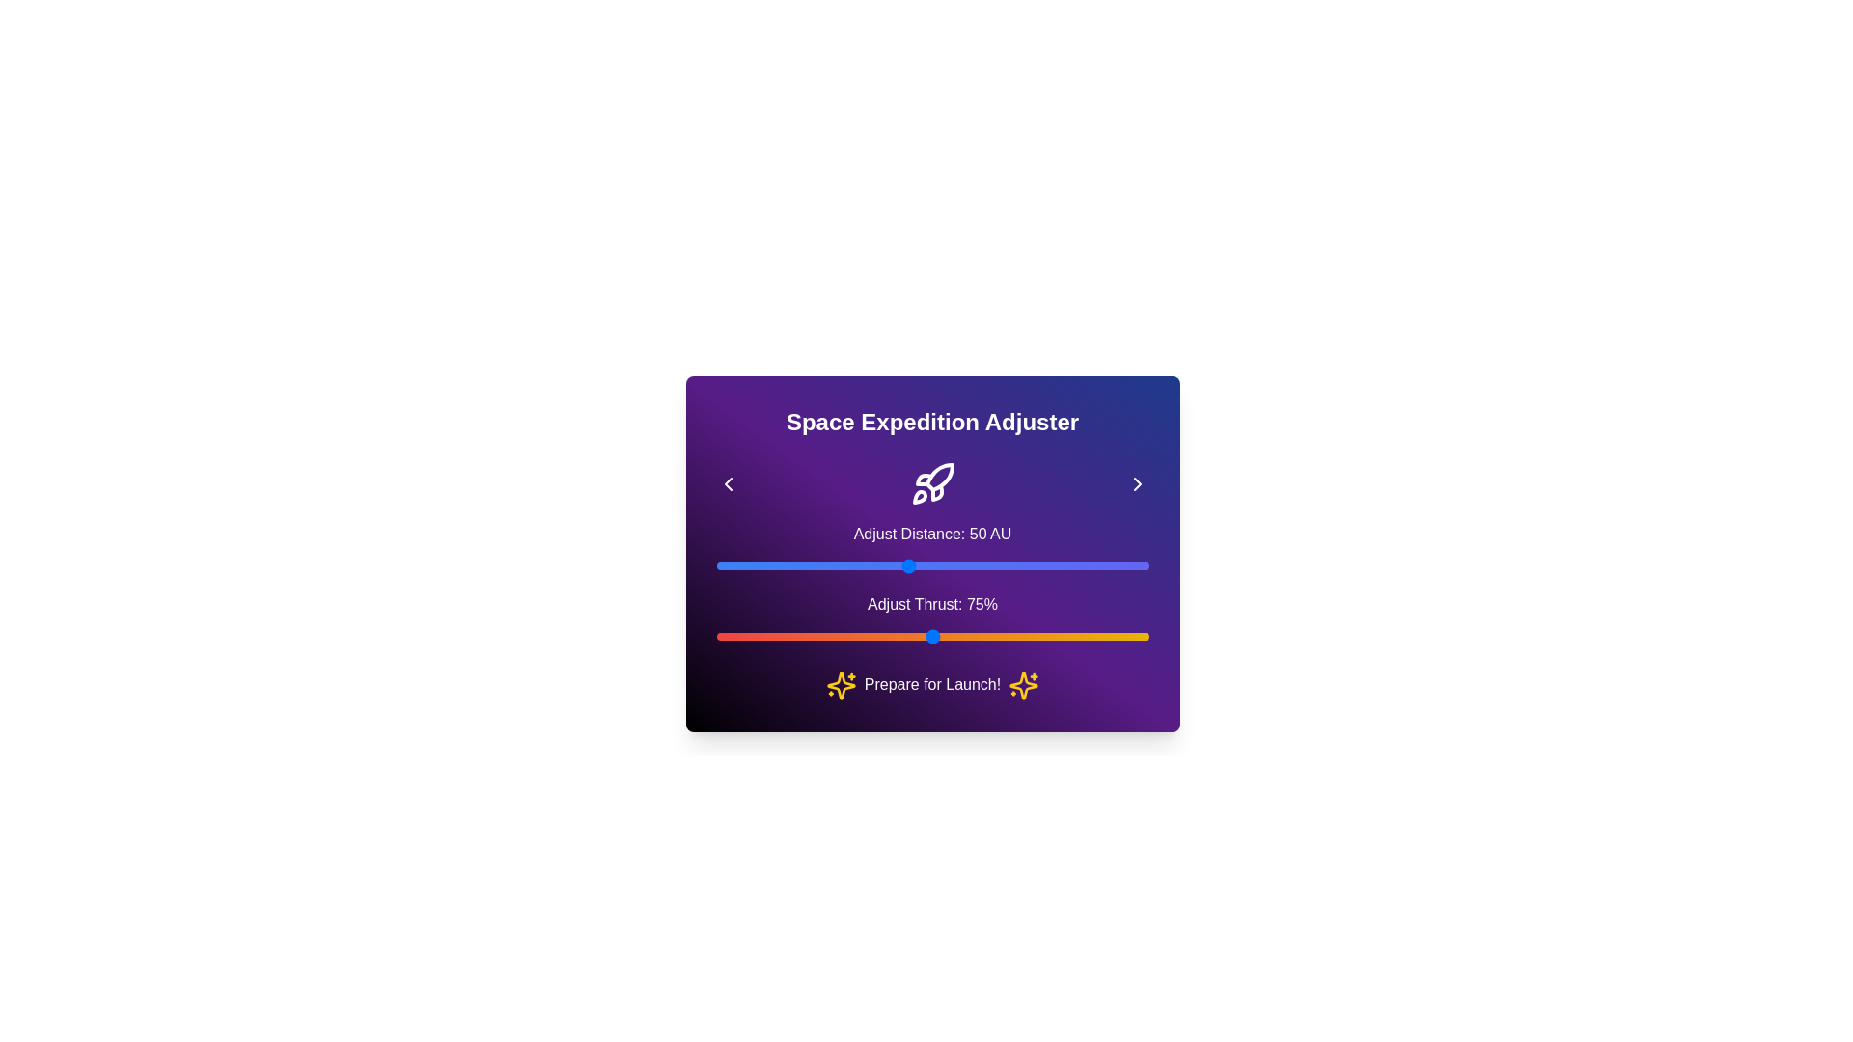 The image size is (1853, 1042). What do you see at coordinates (1137, 482) in the screenshot?
I see `right chevron icon to adjust the distance` at bounding box center [1137, 482].